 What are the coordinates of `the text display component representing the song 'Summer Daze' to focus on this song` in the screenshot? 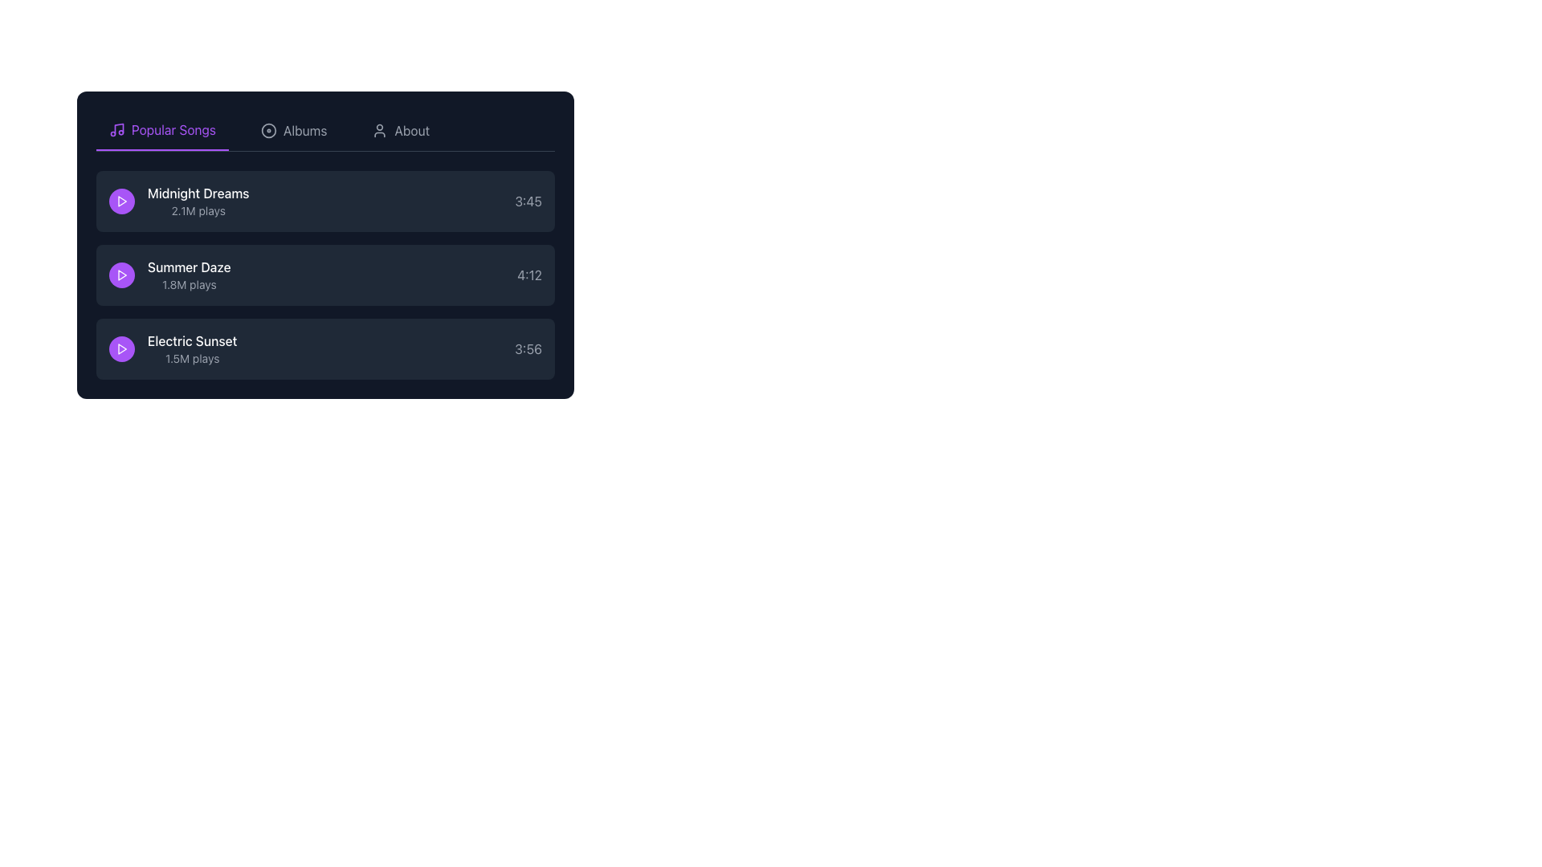 It's located at (169, 275).